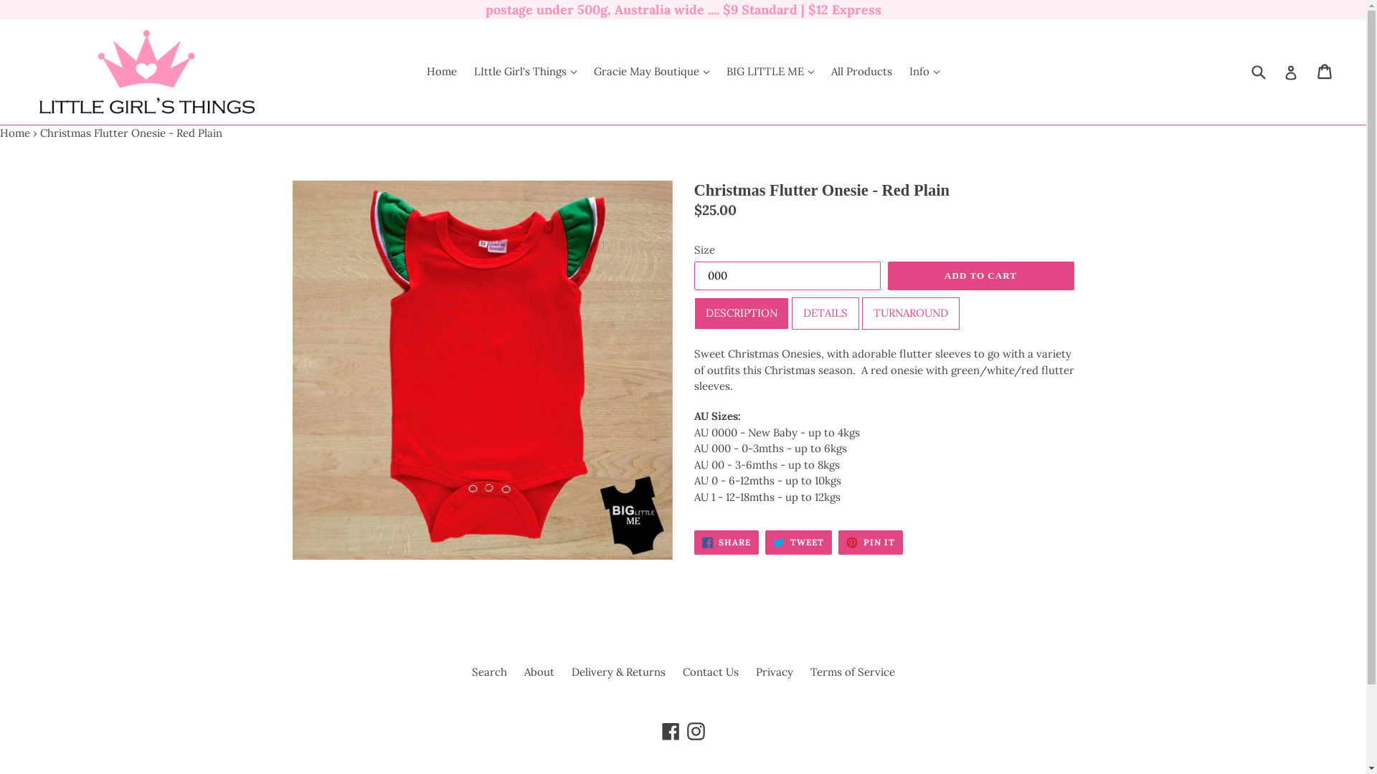 This screenshot has height=774, width=1377. What do you see at coordinates (710, 672) in the screenshot?
I see `'Contact Us'` at bounding box center [710, 672].